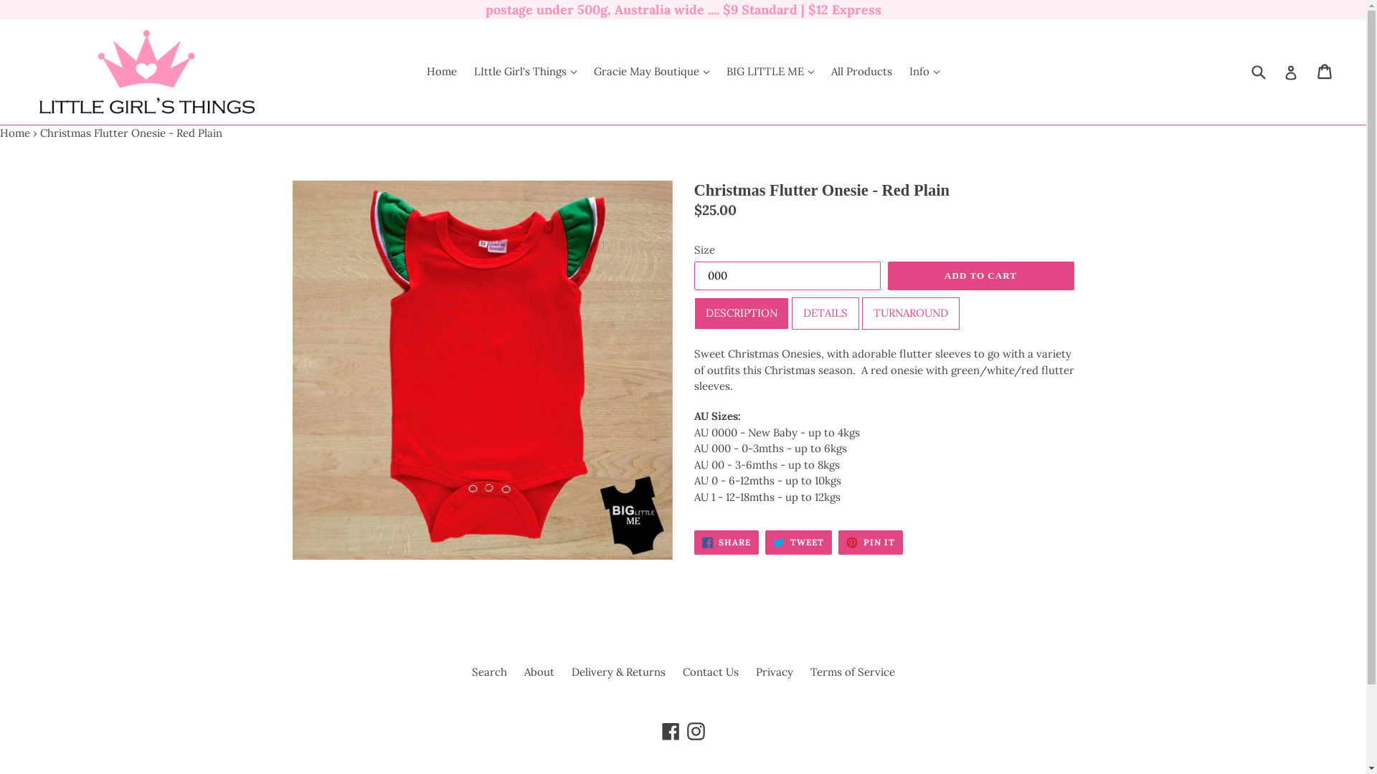 This screenshot has height=774, width=1377. What do you see at coordinates (710, 672) in the screenshot?
I see `'Contact Us'` at bounding box center [710, 672].